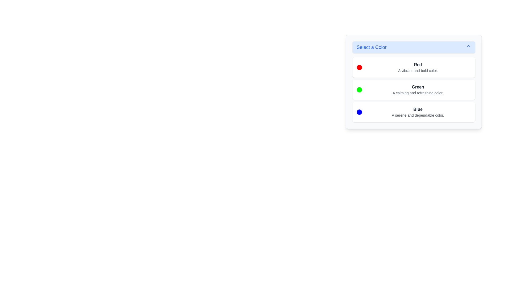 Image resolution: width=510 pixels, height=287 pixels. Describe the element at coordinates (418, 64) in the screenshot. I see `the text element displaying the word 'Red' in bold gray color, located at the upper left corner of its text group` at that location.